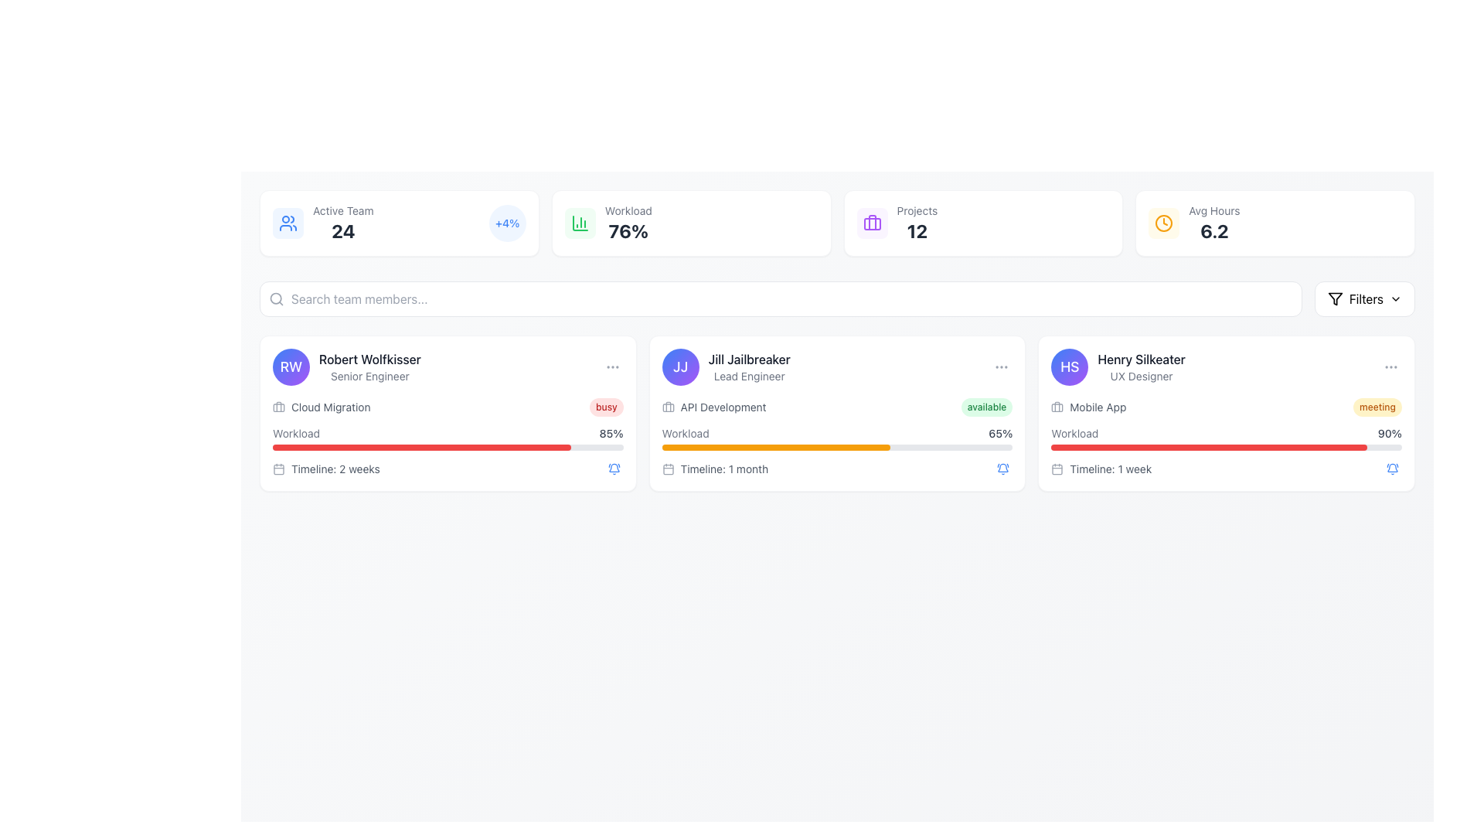  What do you see at coordinates (369, 366) in the screenshot?
I see `the text label displaying the team member's name located to the right of the avatar circle with initials 'RW' in the leftmost card of the team member cards` at bounding box center [369, 366].